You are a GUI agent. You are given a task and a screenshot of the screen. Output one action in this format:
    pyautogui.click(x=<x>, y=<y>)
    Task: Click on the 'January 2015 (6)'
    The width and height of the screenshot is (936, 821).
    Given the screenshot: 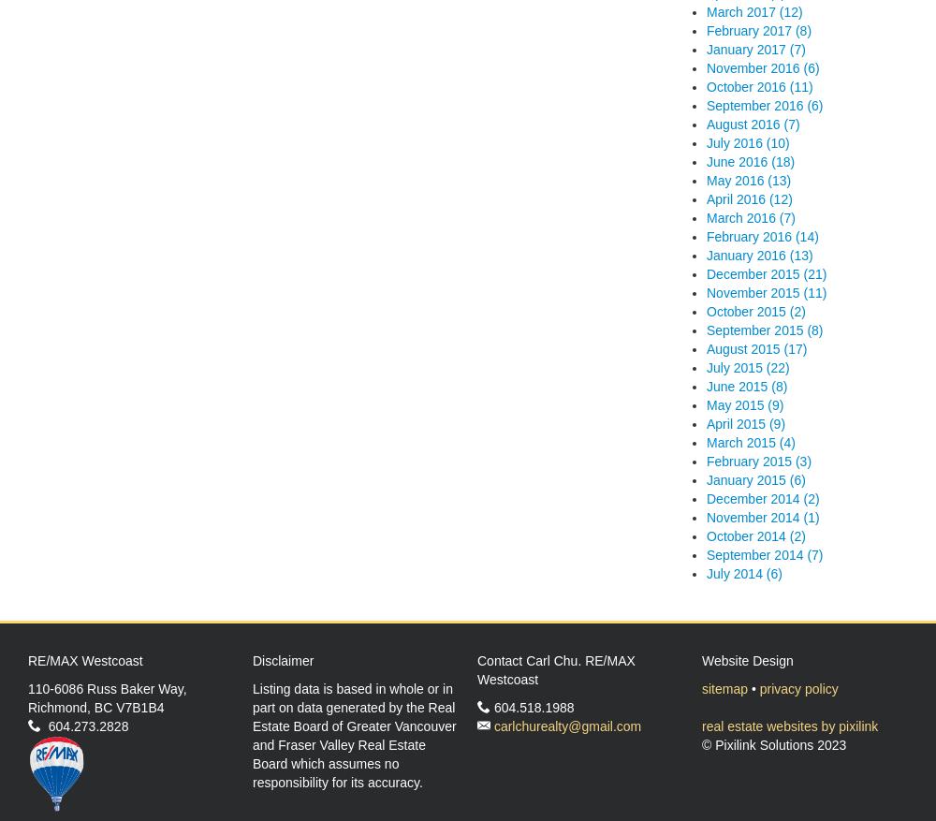 What is the action you would take?
    pyautogui.click(x=755, y=478)
    